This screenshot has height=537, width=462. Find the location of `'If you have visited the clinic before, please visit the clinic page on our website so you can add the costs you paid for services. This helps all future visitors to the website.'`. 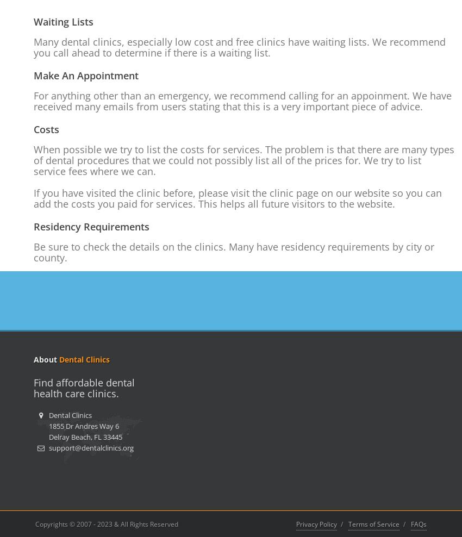

'If you have visited the clinic before, please visit the clinic page on our website so you can add the costs you paid for services. This helps all future visitors to the website.' is located at coordinates (33, 198).